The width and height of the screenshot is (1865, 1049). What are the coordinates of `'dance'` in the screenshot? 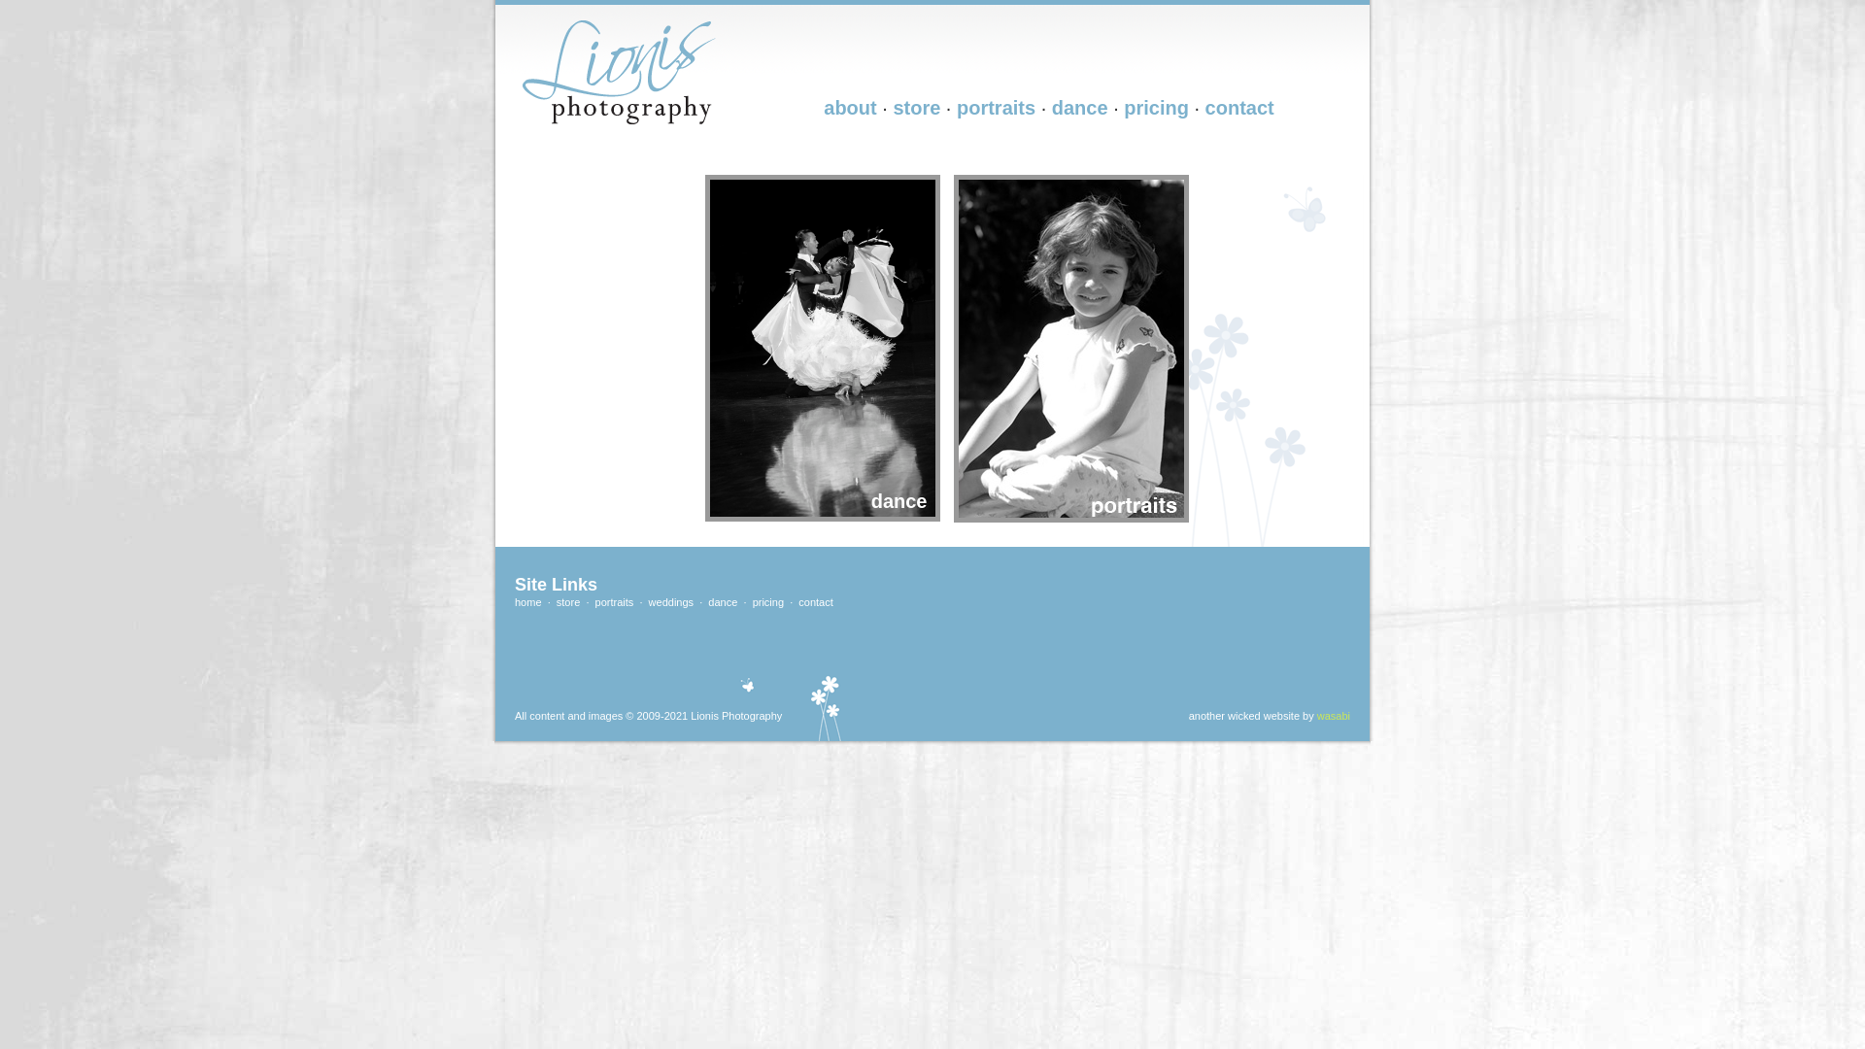 It's located at (1051, 108).